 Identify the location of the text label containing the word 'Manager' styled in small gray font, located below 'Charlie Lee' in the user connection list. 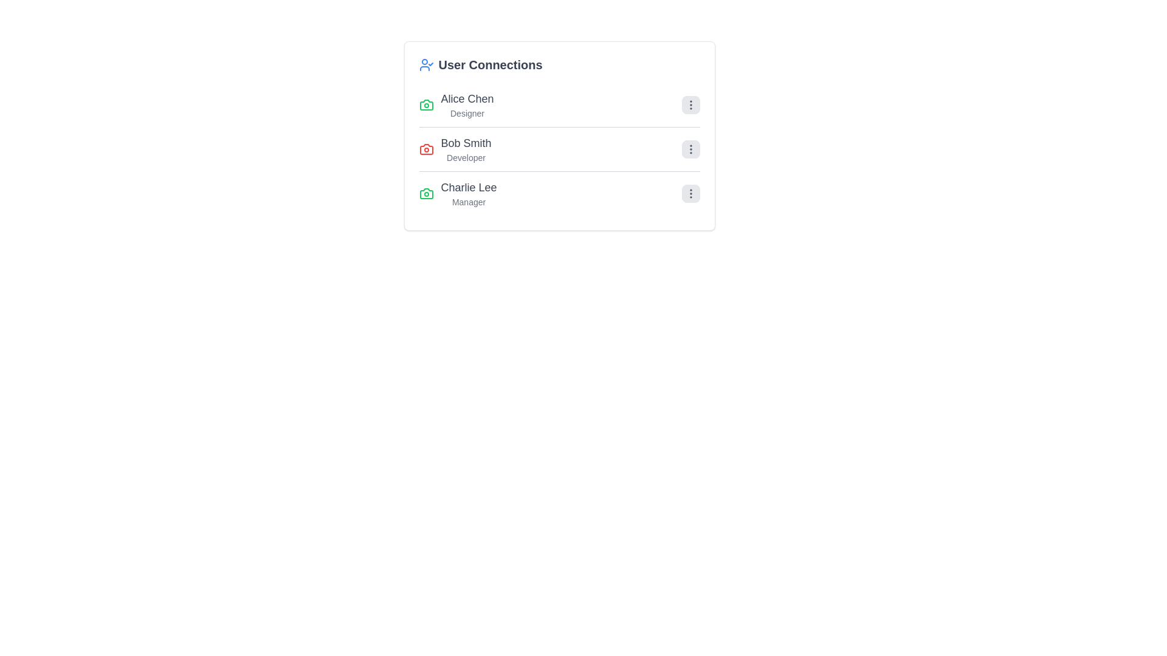
(468, 201).